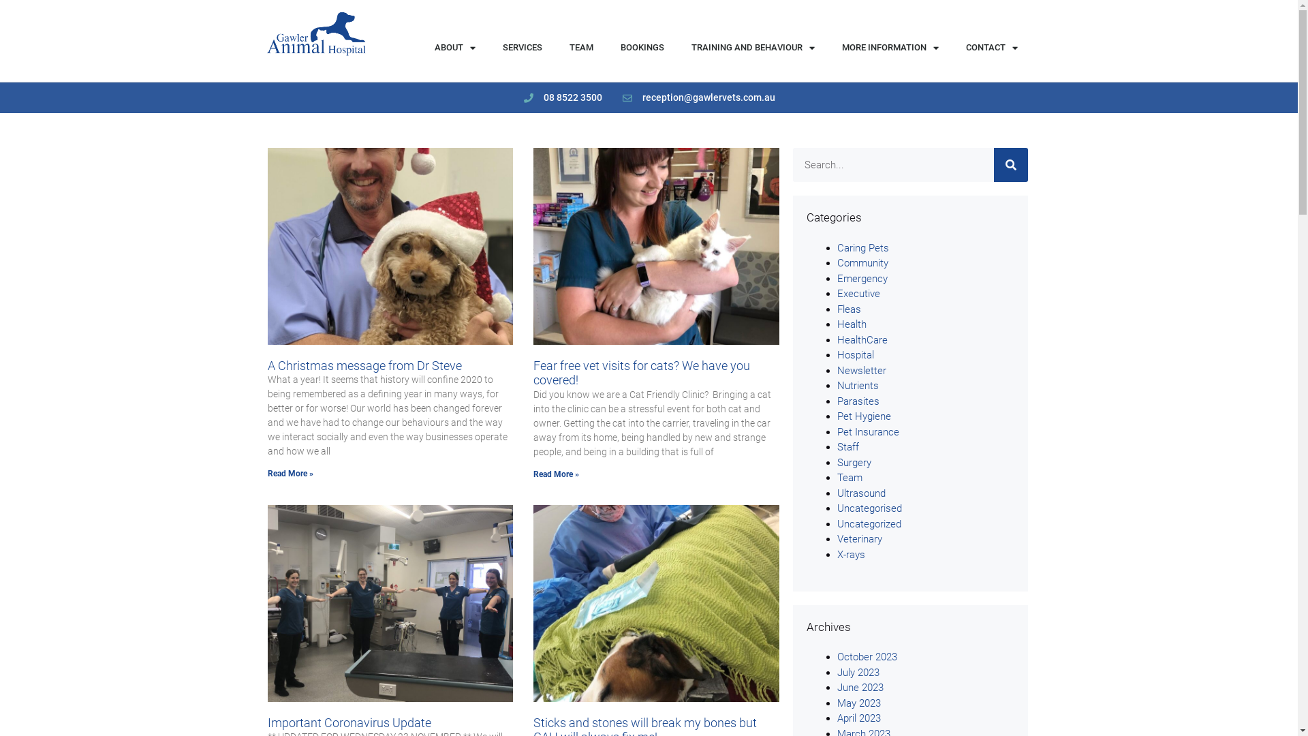 Image resolution: width=1308 pixels, height=736 pixels. Describe the element at coordinates (860, 492) in the screenshot. I see `'Ultrasound'` at that location.